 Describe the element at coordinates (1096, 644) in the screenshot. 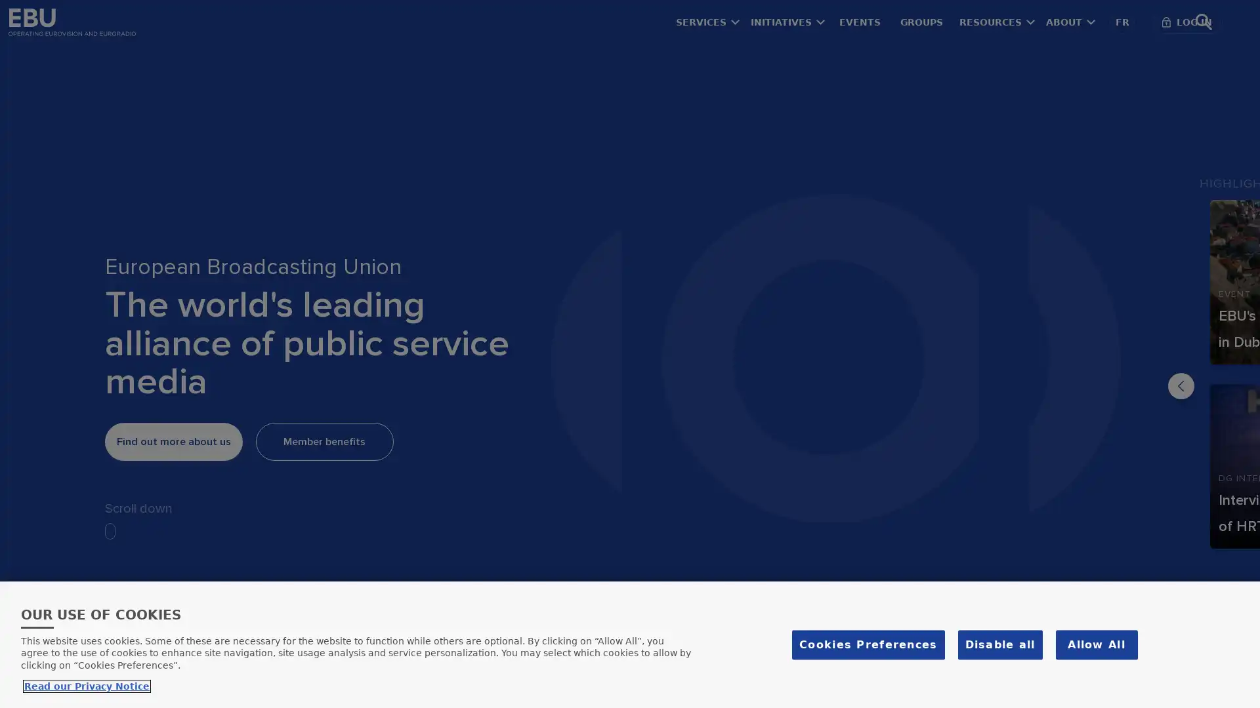

I see `Allow All` at that location.